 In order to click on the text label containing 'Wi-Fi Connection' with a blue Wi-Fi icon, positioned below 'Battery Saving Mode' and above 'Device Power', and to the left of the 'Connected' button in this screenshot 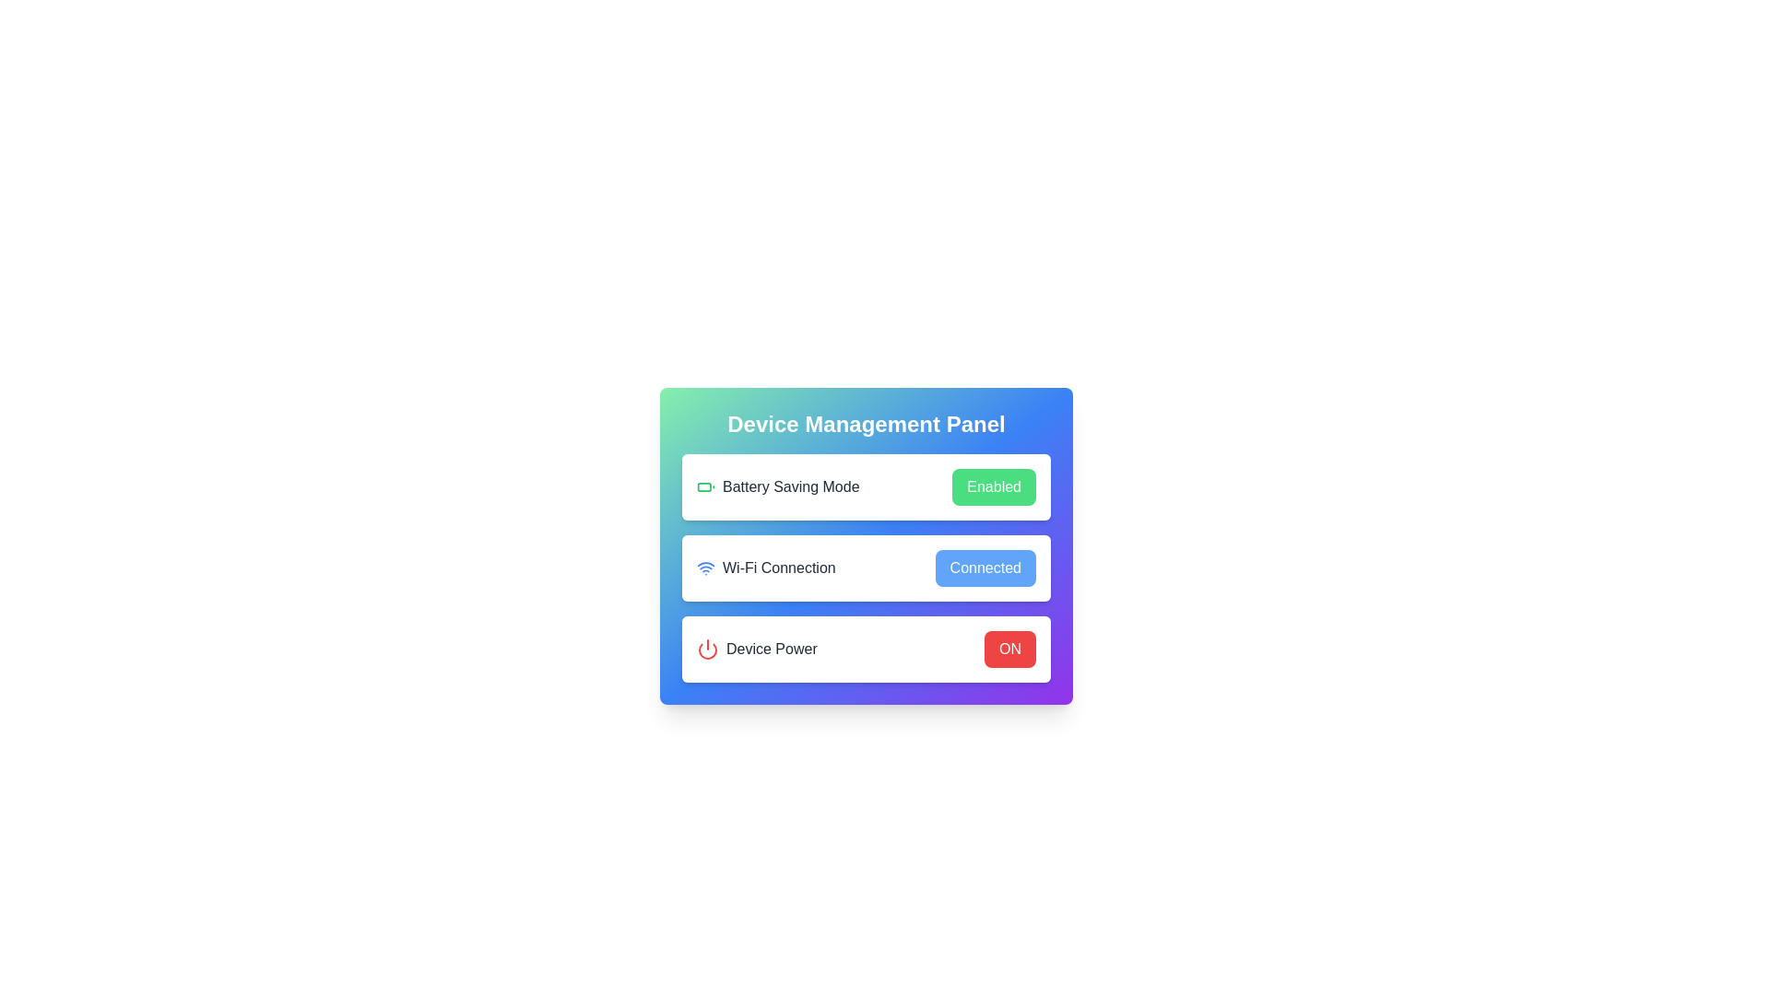, I will do `click(766, 568)`.